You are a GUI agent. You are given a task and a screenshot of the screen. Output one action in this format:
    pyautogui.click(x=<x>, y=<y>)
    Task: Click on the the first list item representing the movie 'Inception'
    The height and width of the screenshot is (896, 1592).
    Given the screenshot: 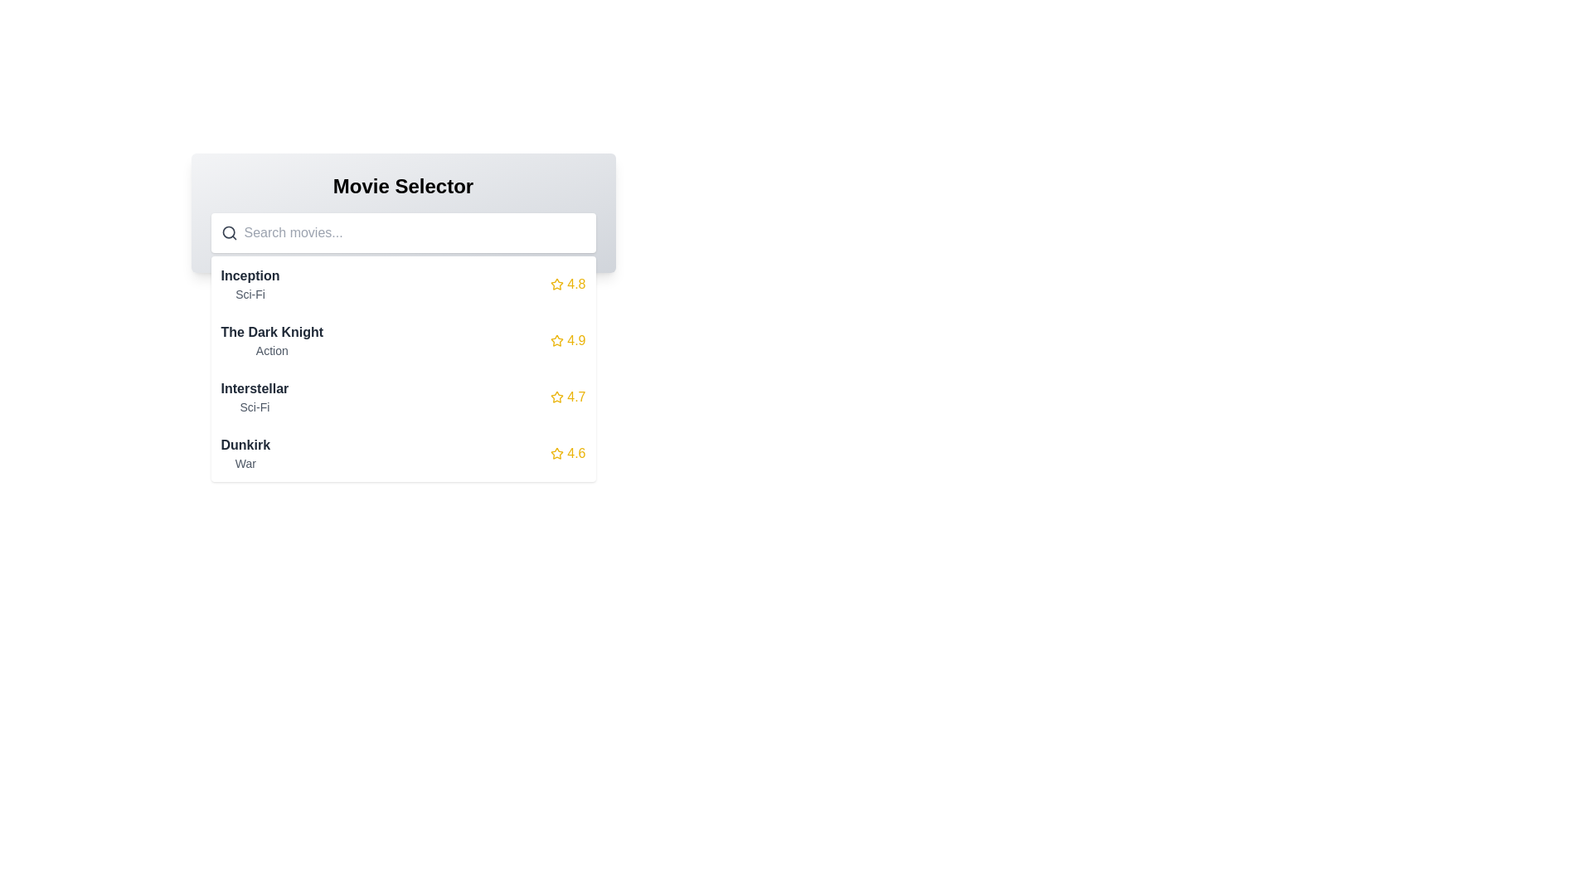 What is the action you would take?
    pyautogui.click(x=403, y=284)
    